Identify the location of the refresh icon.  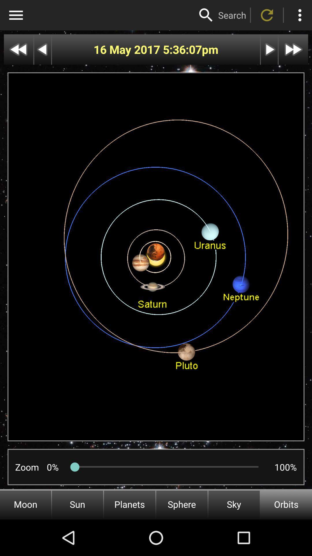
(267, 15).